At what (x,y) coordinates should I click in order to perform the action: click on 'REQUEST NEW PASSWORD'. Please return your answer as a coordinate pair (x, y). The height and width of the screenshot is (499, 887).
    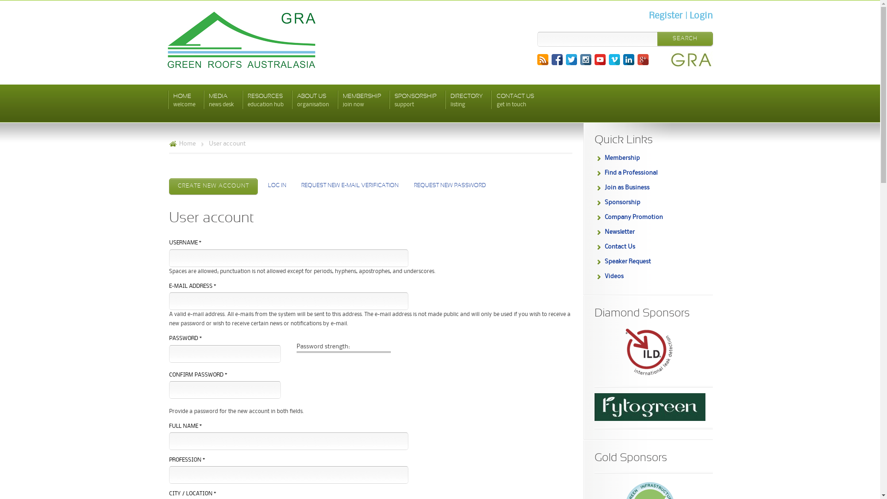
    Looking at the image, I should click on (450, 185).